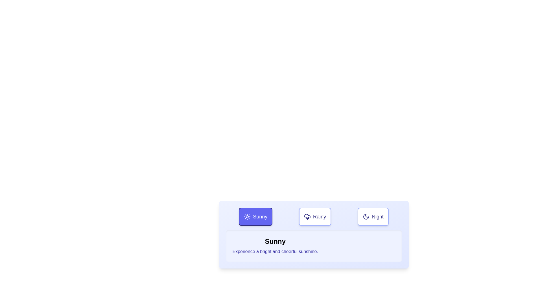  Describe the element at coordinates (275, 251) in the screenshot. I see `the text snippet stating "Experience a bright and cheerful sunshine." which is located below the bold title "Sunny" in an indigo-colored font on a light background` at that location.